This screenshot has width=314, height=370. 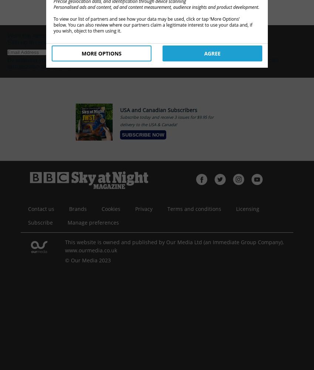 I want to click on 'Sign up to receive our free newsletter!', so click(x=57, y=42).